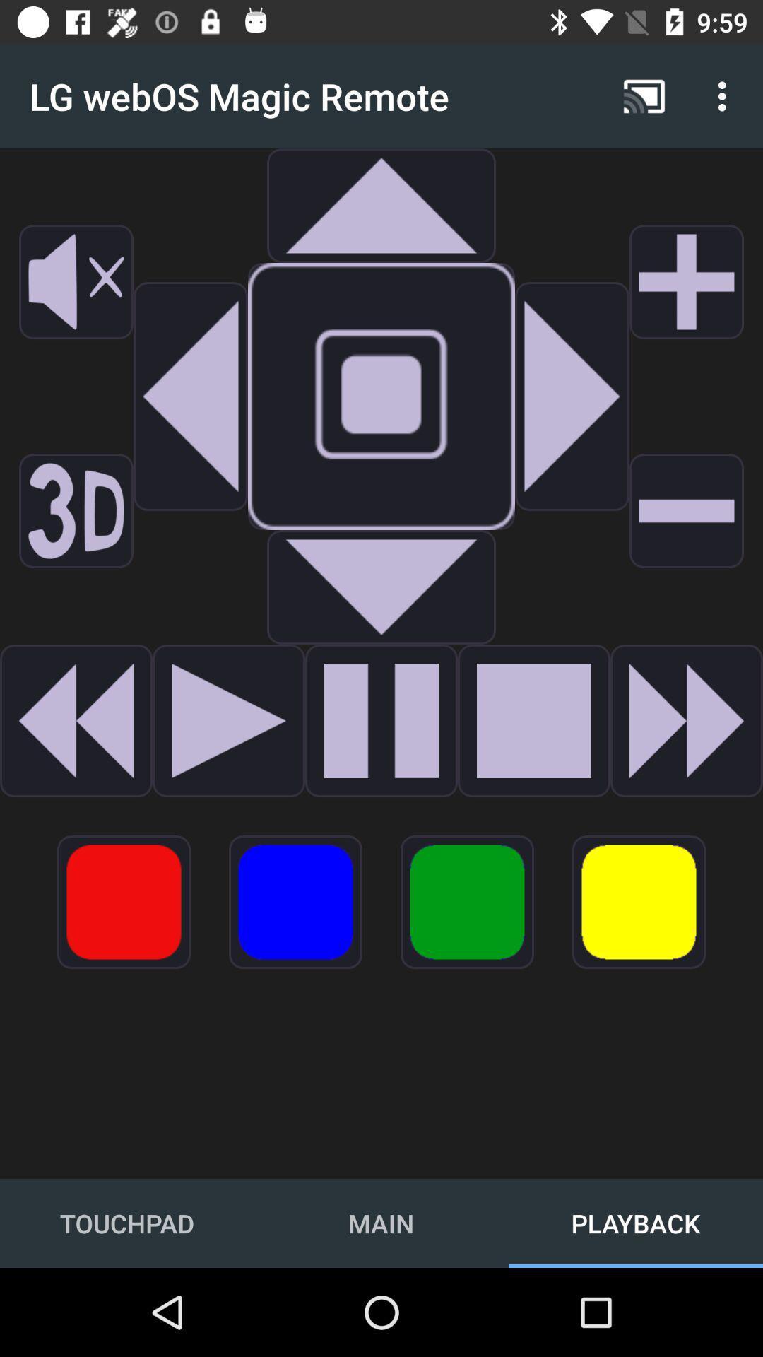 Image resolution: width=763 pixels, height=1357 pixels. What do you see at coordinates (686, 510) in the screenshot?
I see `the minus icon` at bounding box center [686, 510].